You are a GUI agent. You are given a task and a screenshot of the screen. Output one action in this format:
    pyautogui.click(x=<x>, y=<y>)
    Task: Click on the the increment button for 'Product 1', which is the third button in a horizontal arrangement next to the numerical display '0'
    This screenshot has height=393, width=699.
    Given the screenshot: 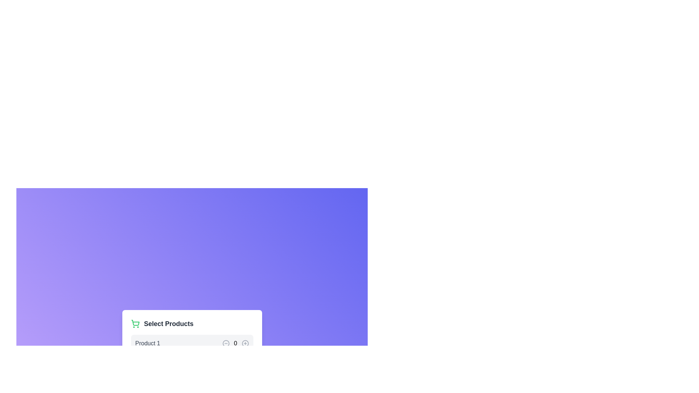 What is the action you would take?
    pyautogui.click(x=245, y=364)
    